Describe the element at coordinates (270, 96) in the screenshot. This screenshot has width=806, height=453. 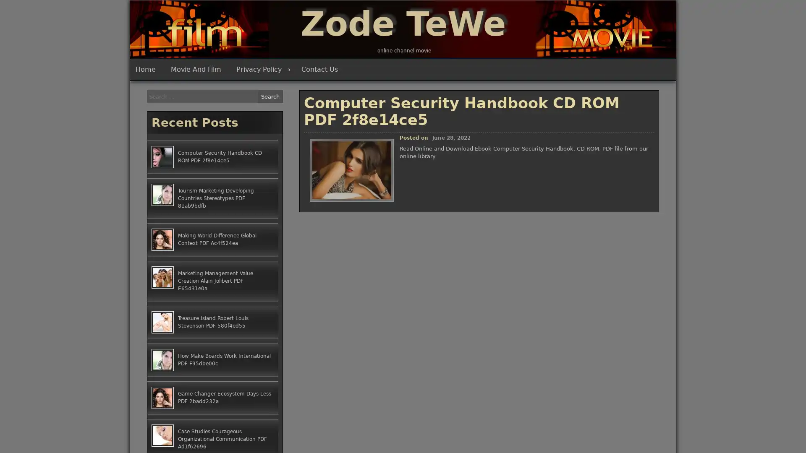
I see `Search` at that location.